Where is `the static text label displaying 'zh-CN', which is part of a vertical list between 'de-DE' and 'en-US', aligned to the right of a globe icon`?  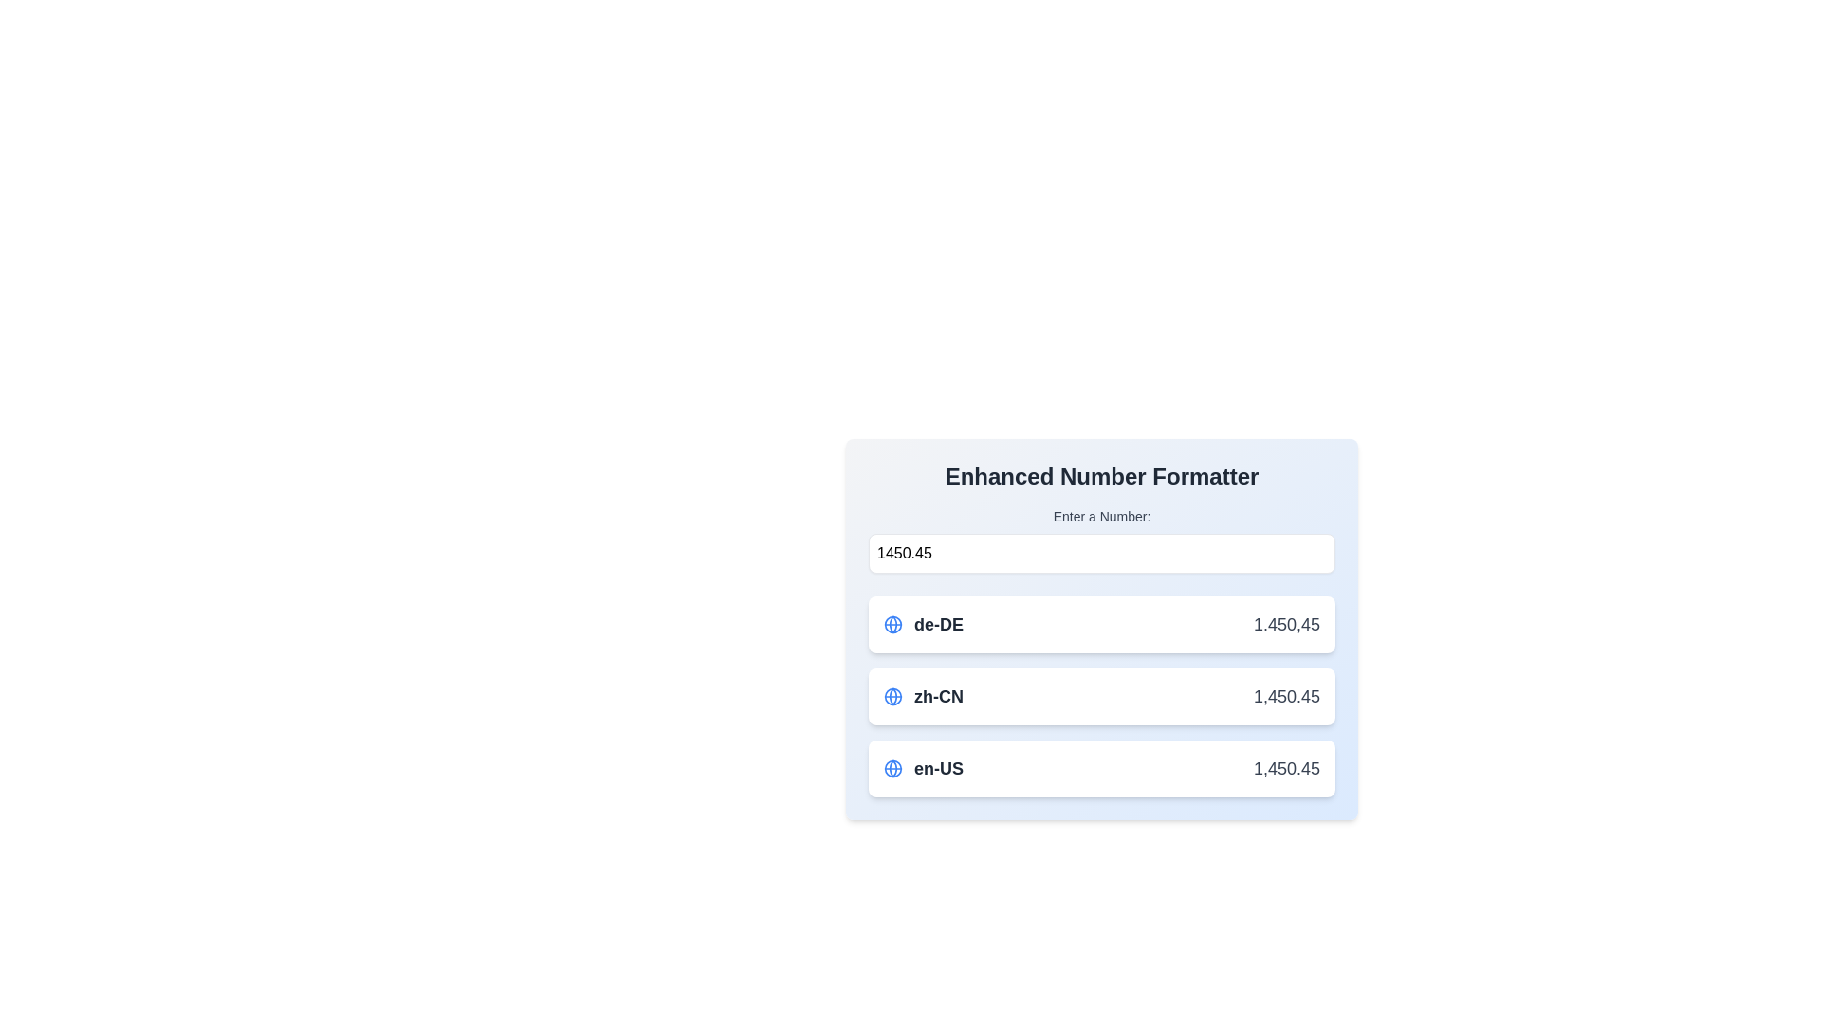
the static text label displaying 'zh-CN', which is part of a vertical list between 'de-DE' and 'en-US', aligned to the right of a globe icon is located at coordinates (938, 697).